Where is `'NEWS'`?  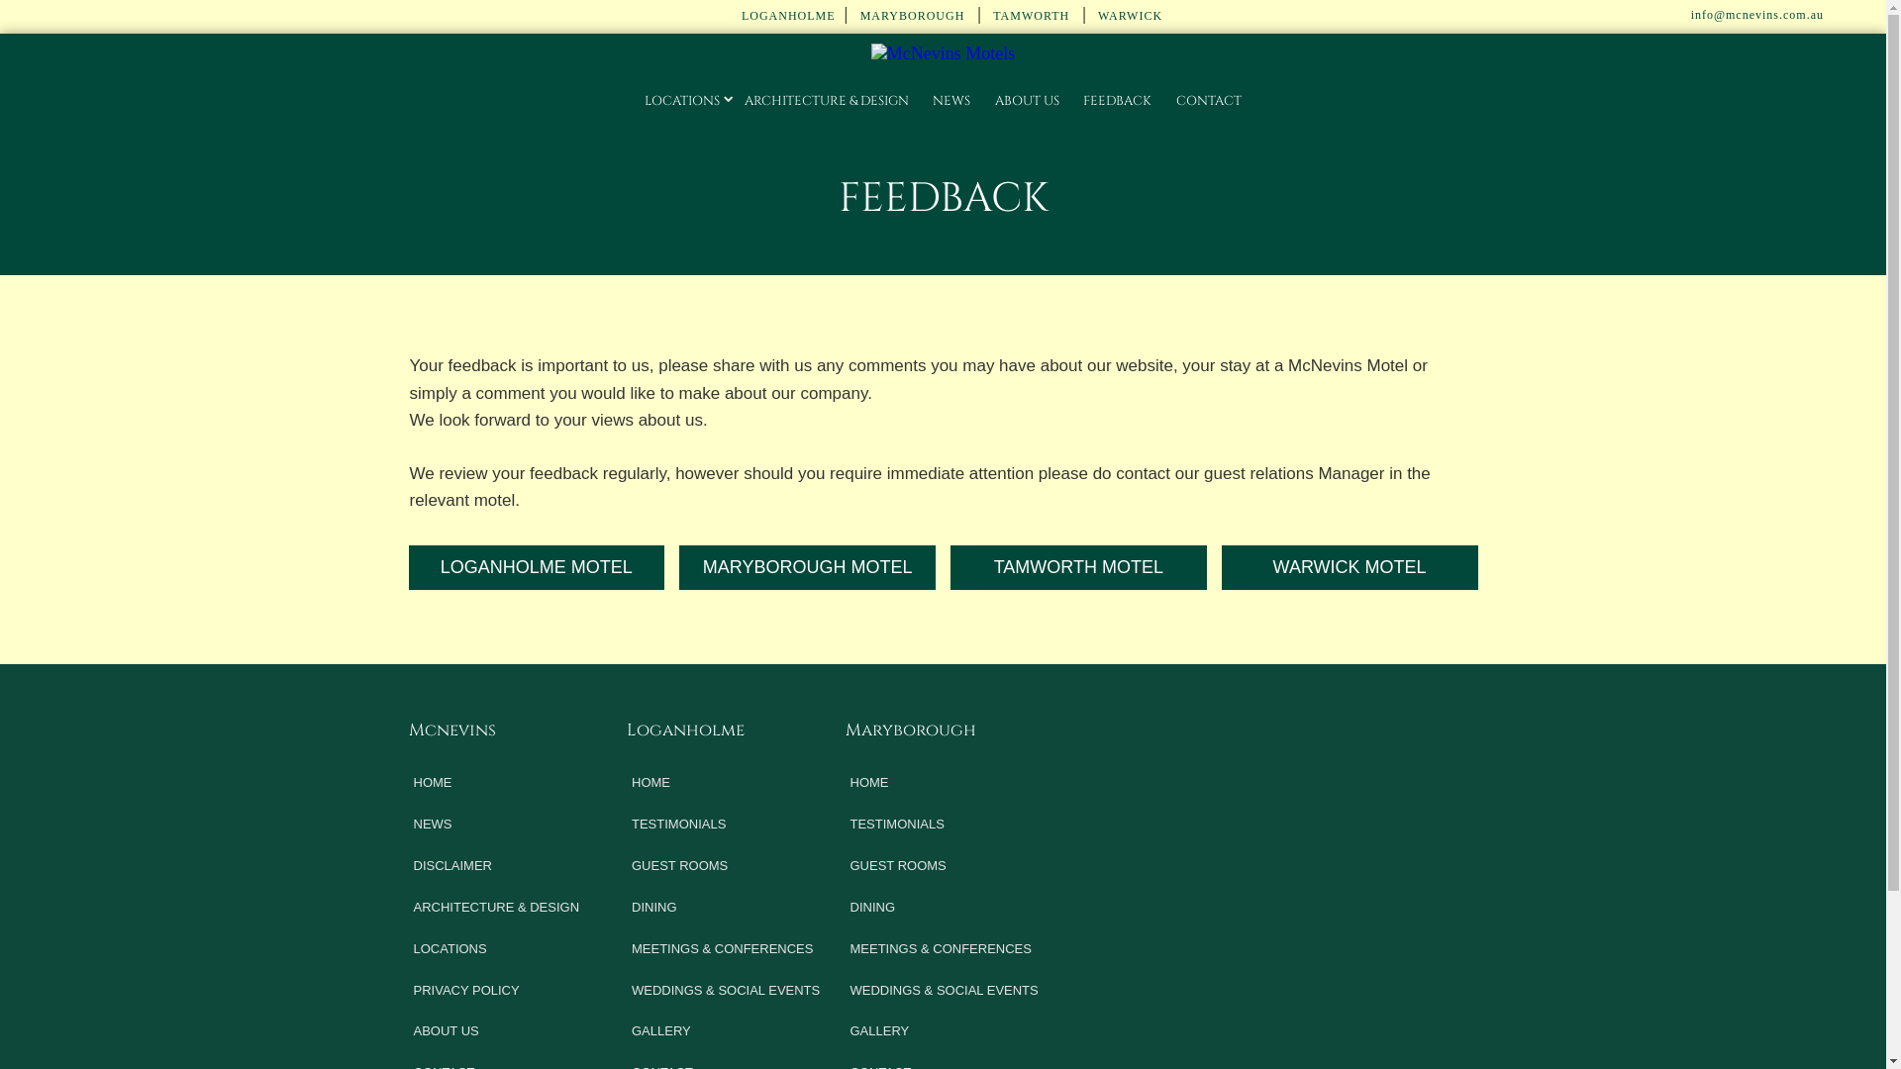 'NEWS' is located at coordinates (498, 825).